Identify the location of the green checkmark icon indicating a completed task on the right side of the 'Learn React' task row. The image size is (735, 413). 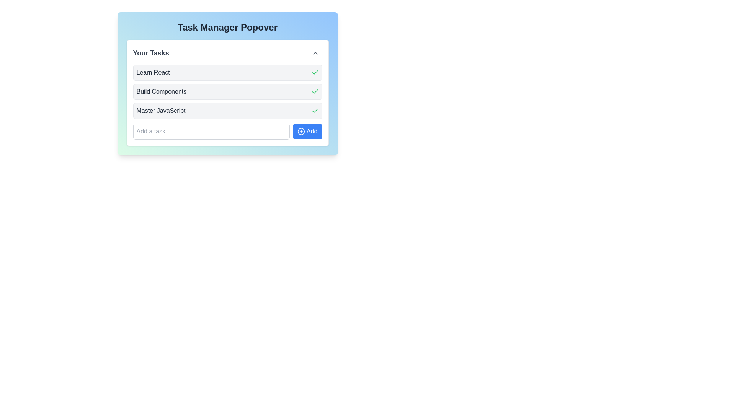
(315, 72).